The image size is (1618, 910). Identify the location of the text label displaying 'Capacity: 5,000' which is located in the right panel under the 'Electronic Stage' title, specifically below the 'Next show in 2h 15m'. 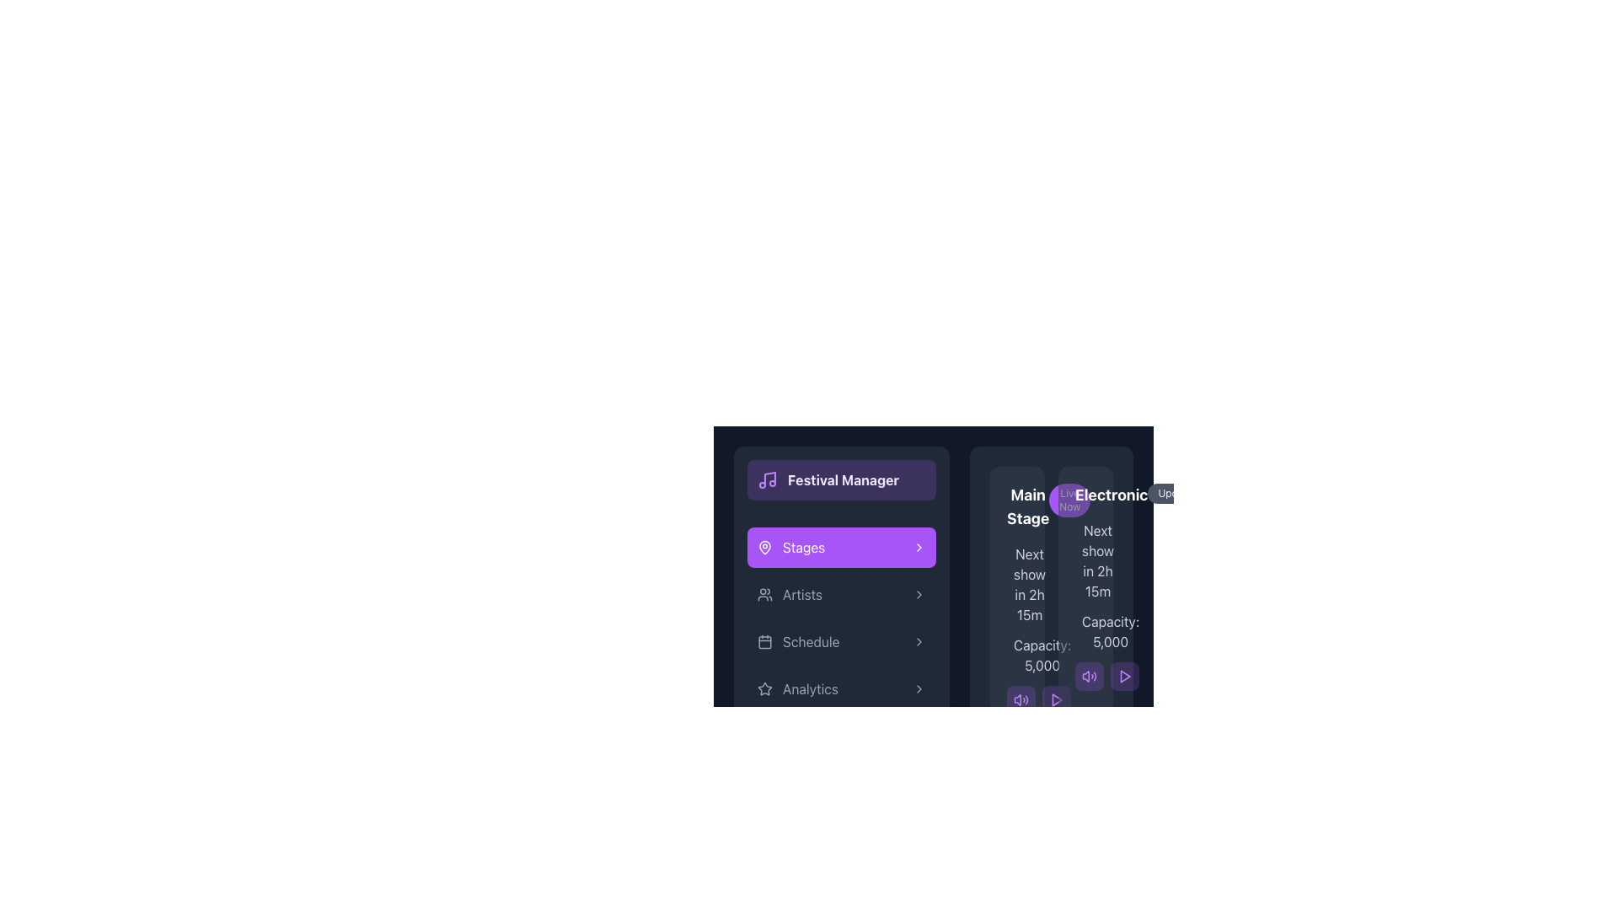
(1085, 631).